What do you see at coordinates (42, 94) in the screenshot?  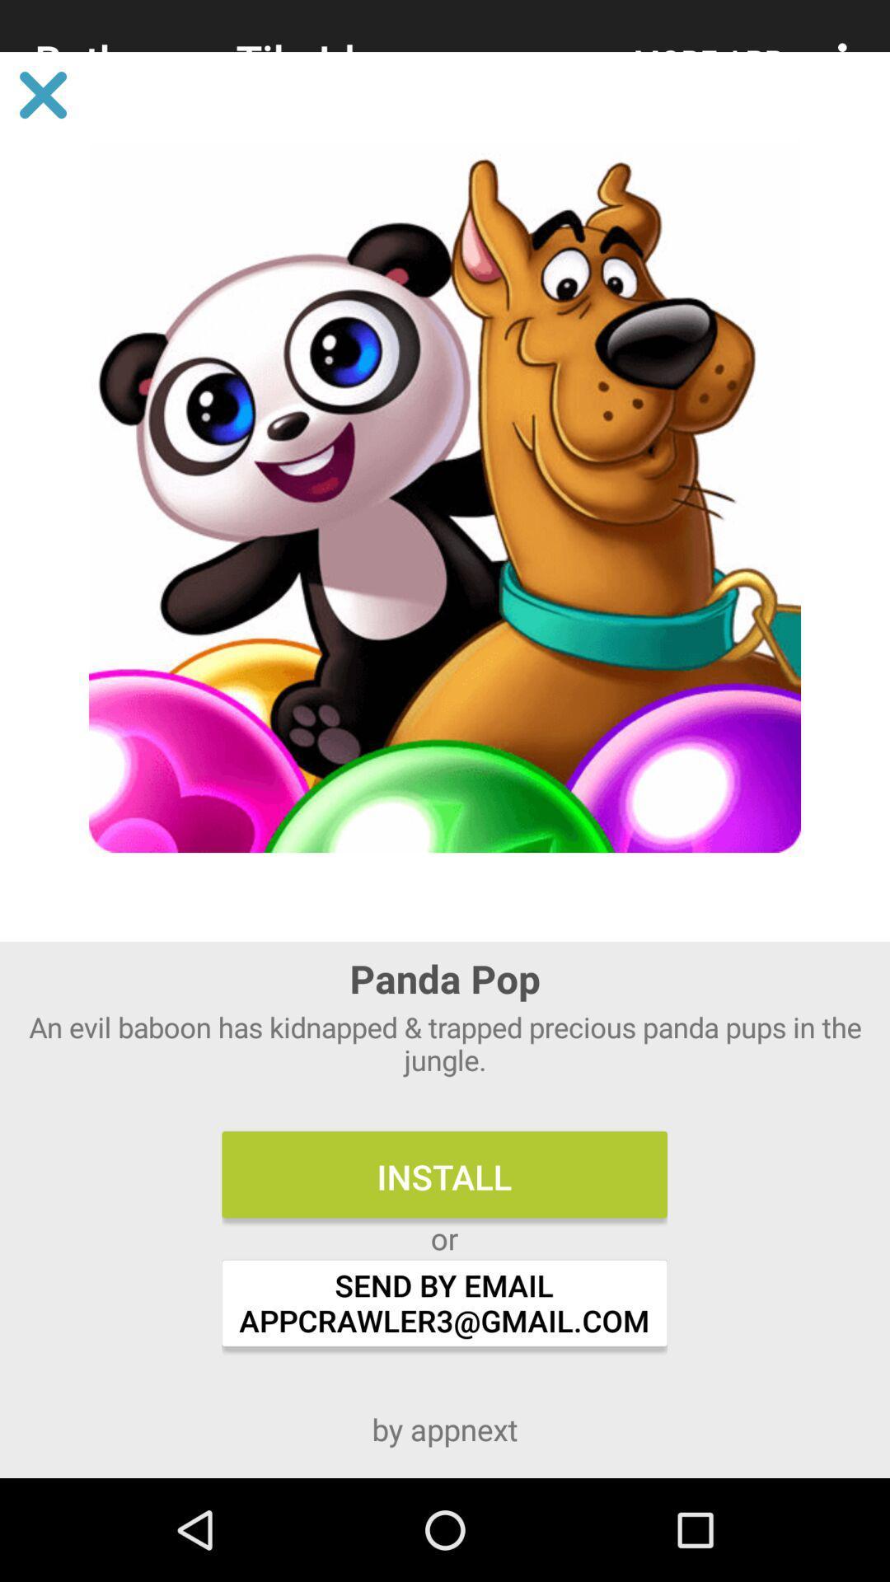 I see `the close icon` at bounding box center [42, 94].